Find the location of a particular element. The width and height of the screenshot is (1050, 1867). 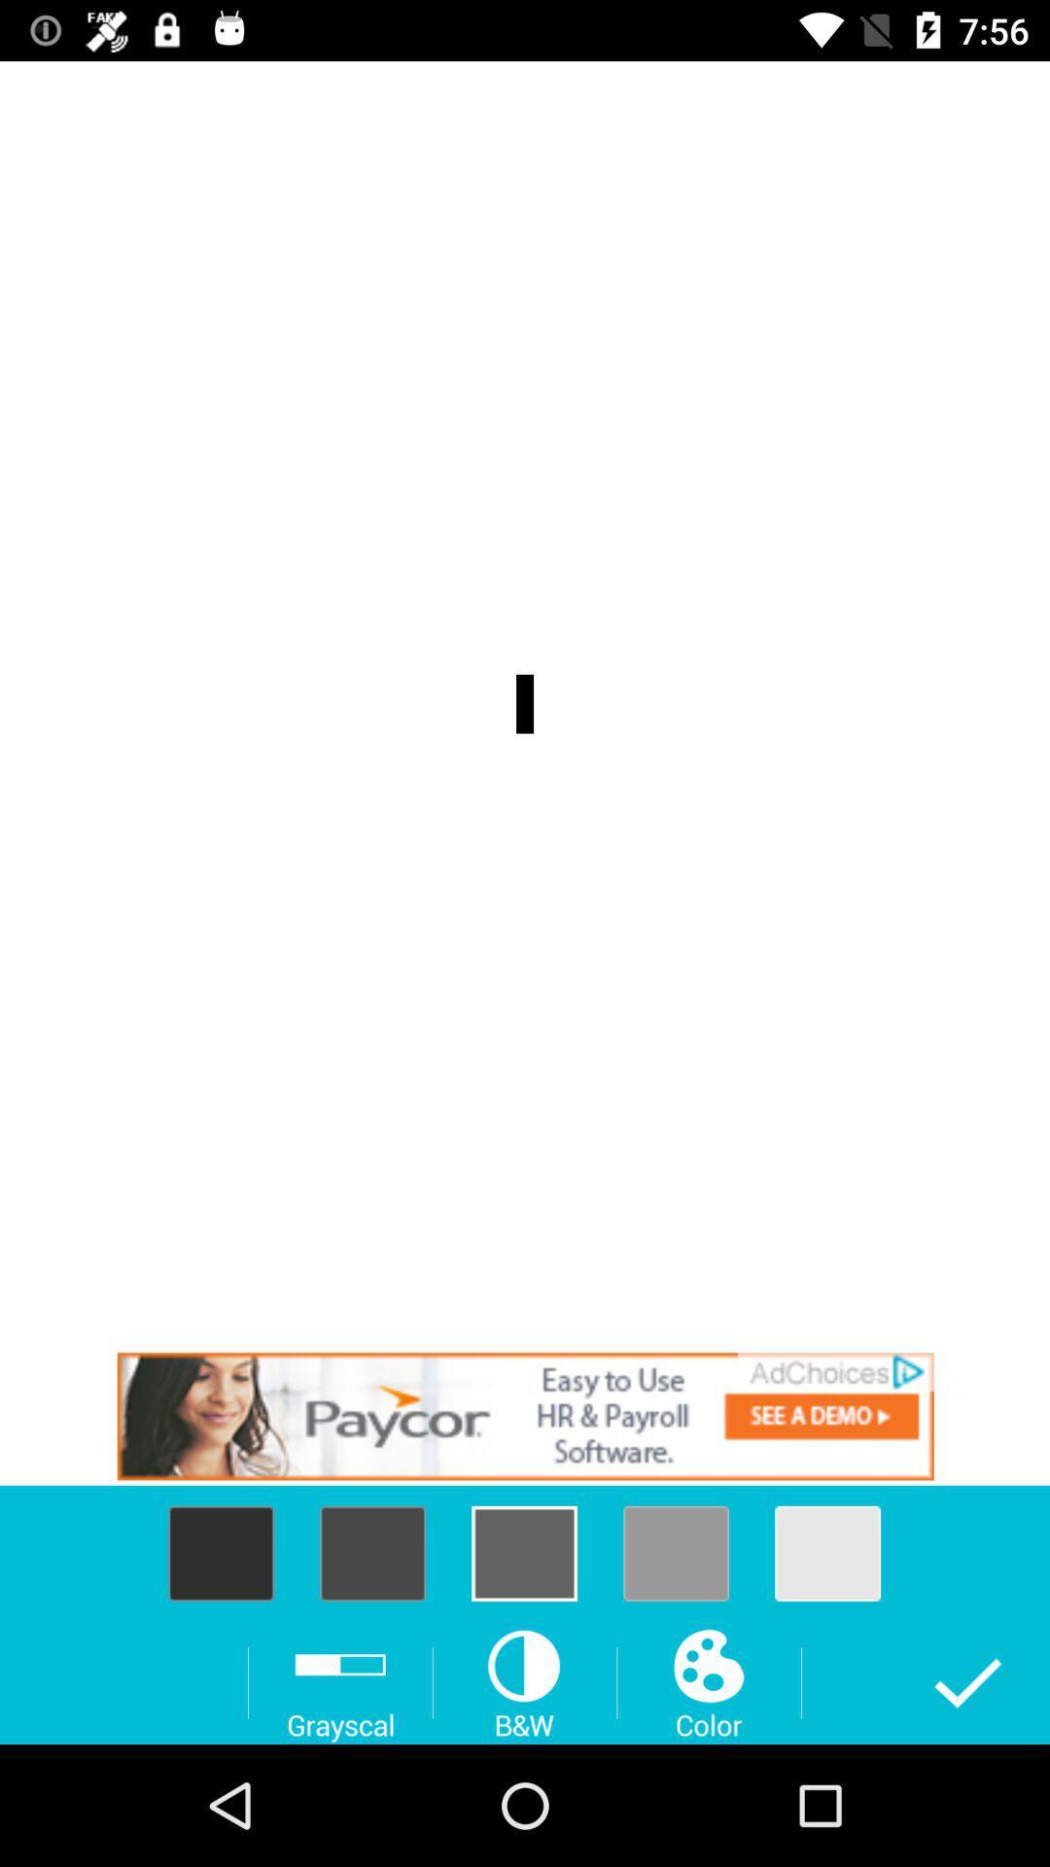

advertisement page is located at coordinates (525, 1416).